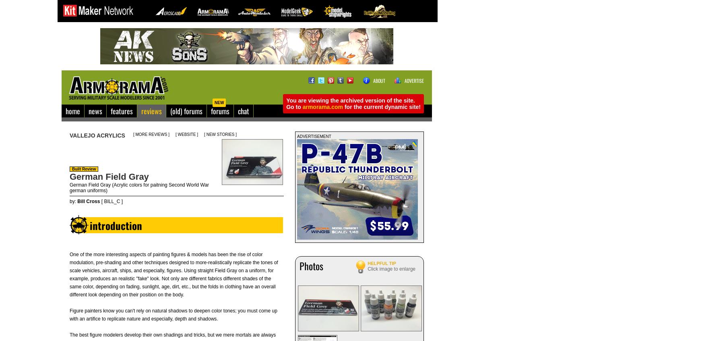  I want to click on 'Click image to enlarge', so click(391, 268).